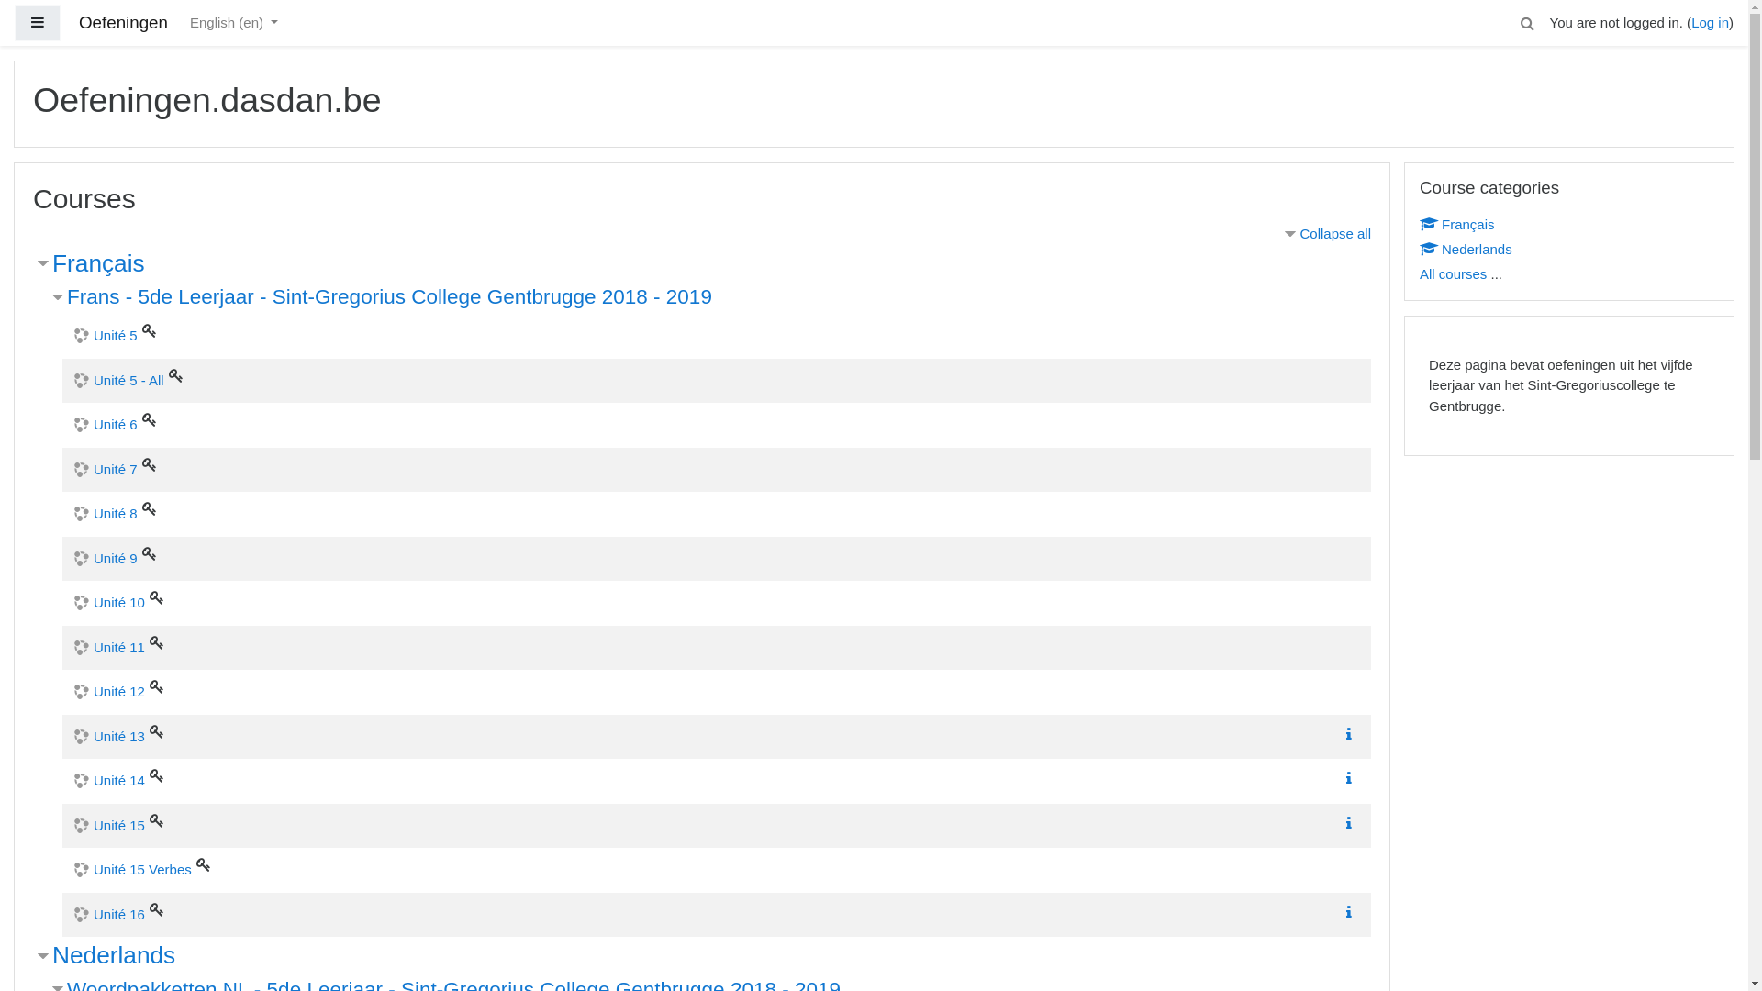 The height and width of the screenshot is (991, 1762). I want to click on 'Self enrolment', so click(150, 508).